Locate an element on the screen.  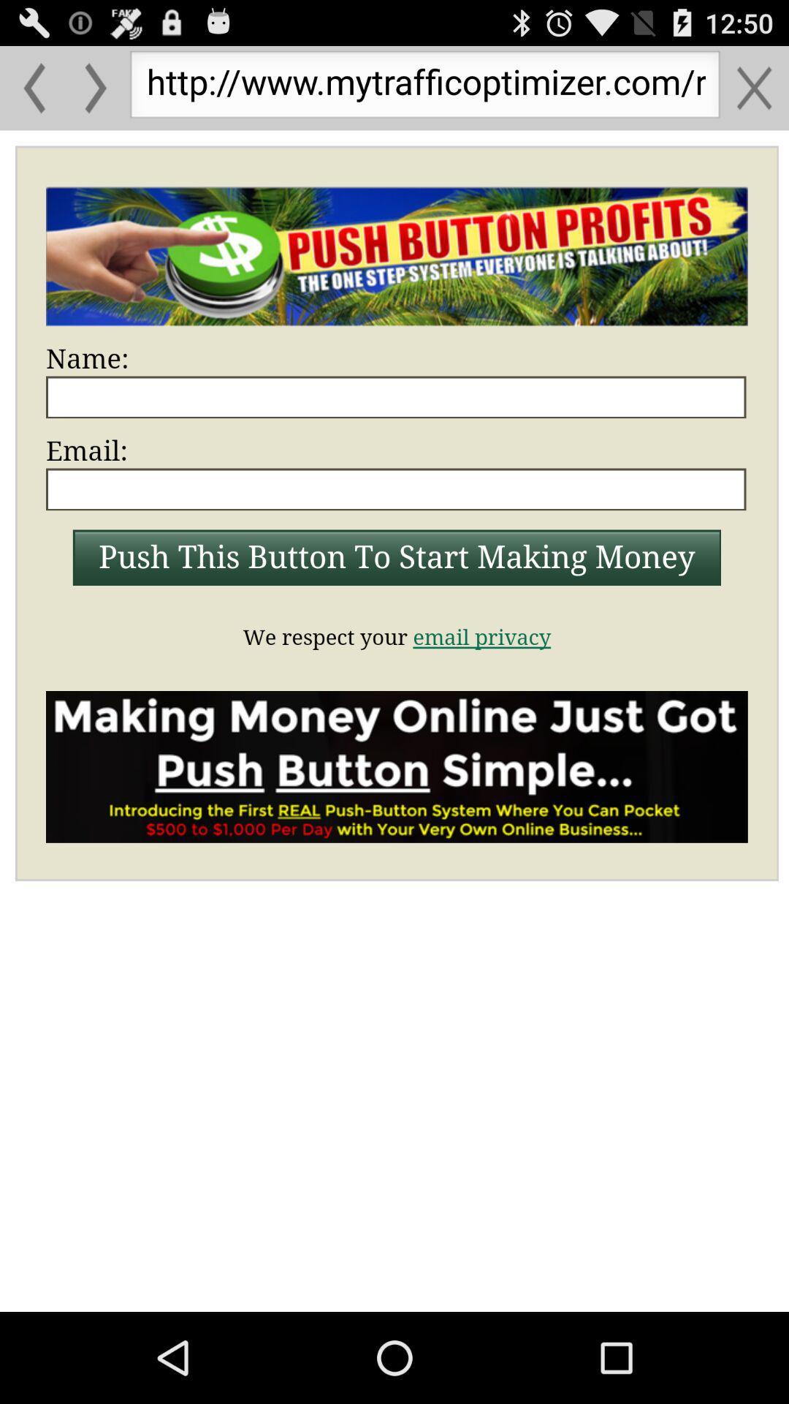
exit this window is located at coordinates (754, 87).